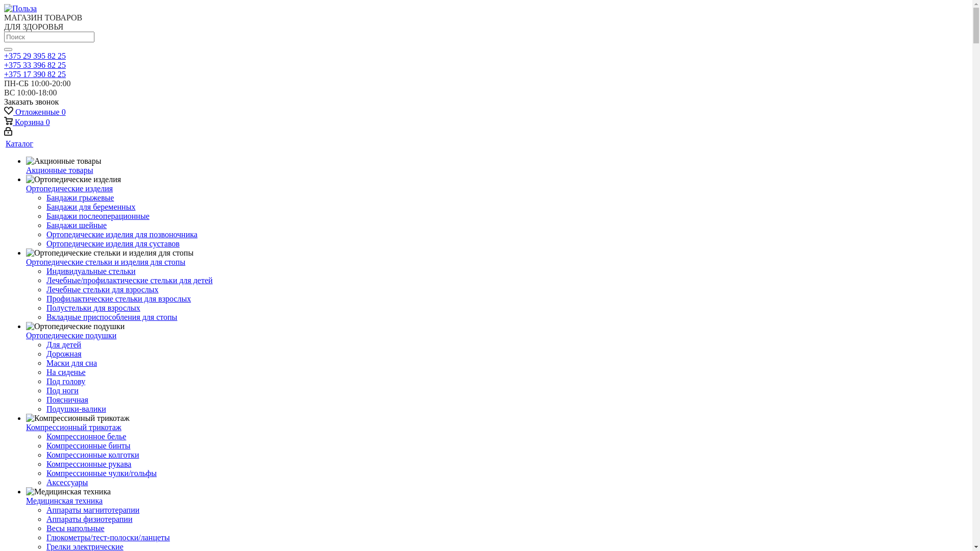 The height and width of the screenshot is (551, 980). What do you see at coordinates (35, 56) in the screenshot?
I see `'+375 29 395 82 25'` at bounding box center [35, 56].